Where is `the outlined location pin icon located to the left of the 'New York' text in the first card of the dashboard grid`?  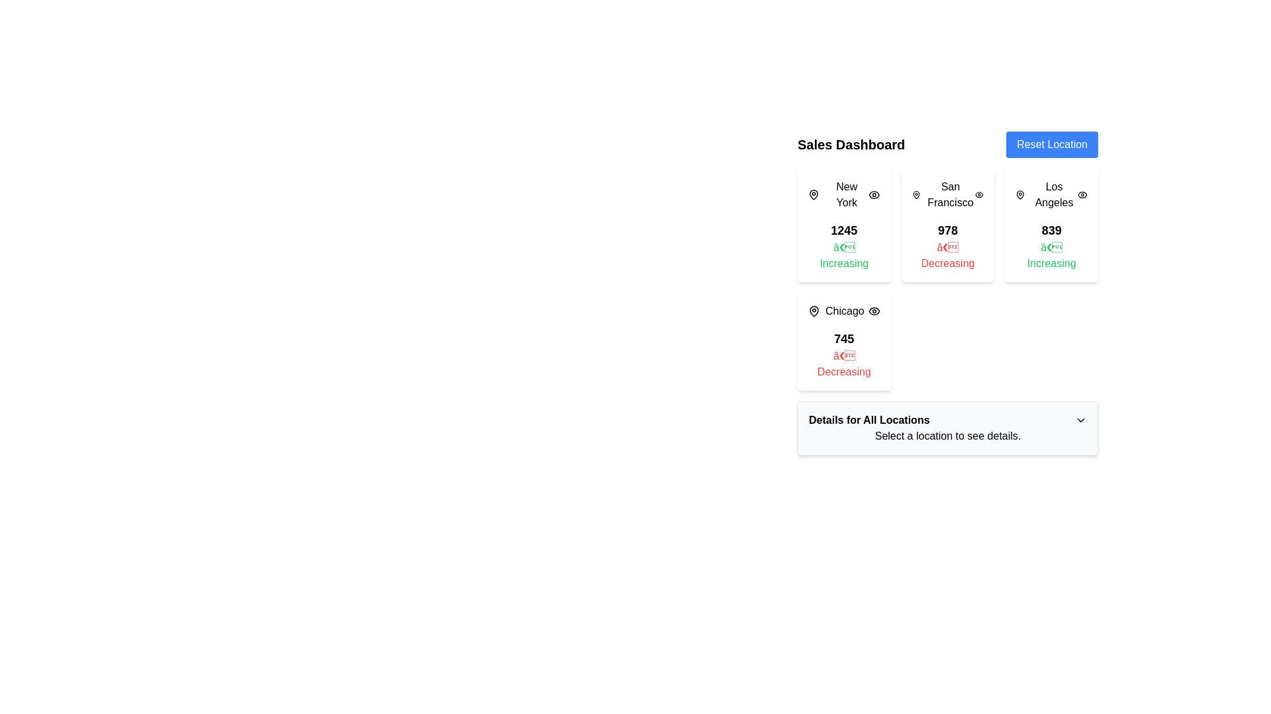
the outlined location pin icon located to the left of the 'New York' text in the first card of the dashboard grid is located at coordinates (813, 194).